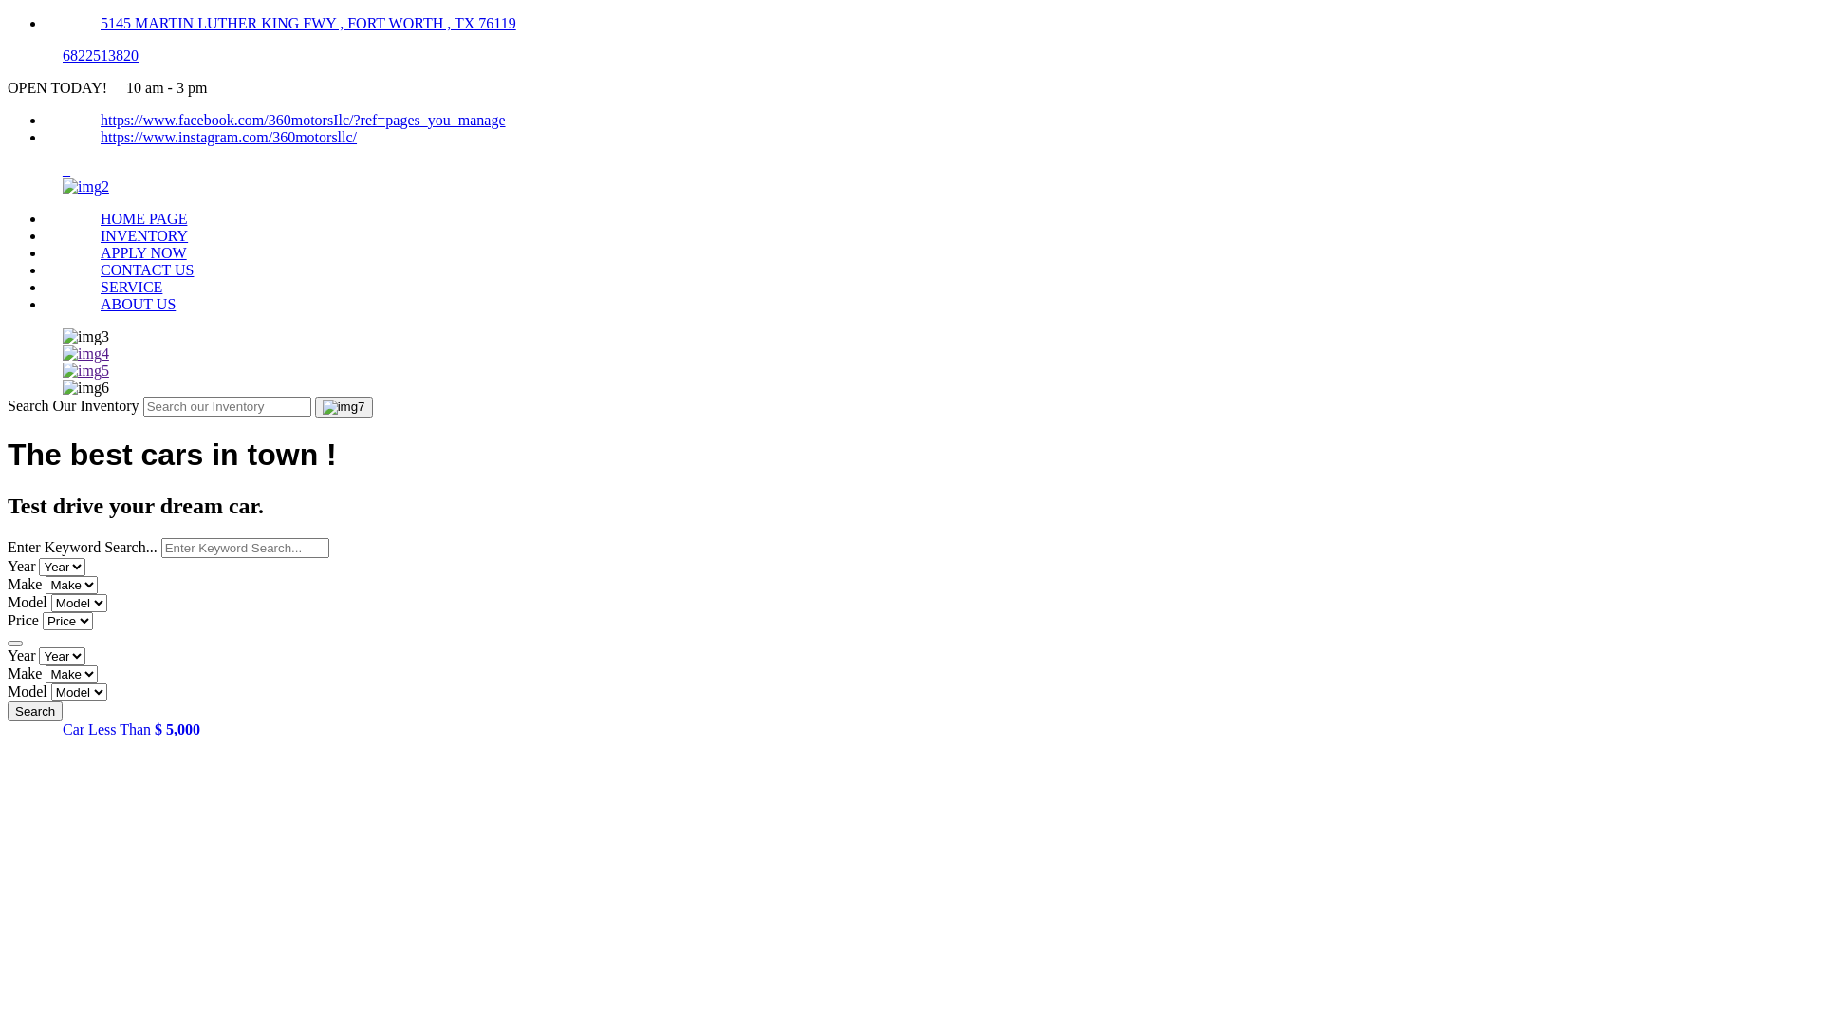 The image size is (1822, 1025). What do you see at coordinates (142, 252) in the screenshot?
I see `'APPLY NOW'` at bounding box center [142, 252].